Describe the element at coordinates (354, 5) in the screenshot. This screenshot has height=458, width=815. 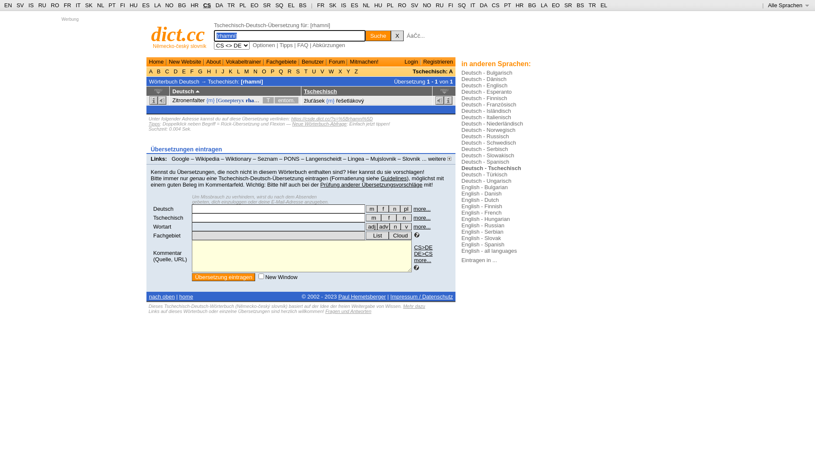
I see `'ES'` at that location.